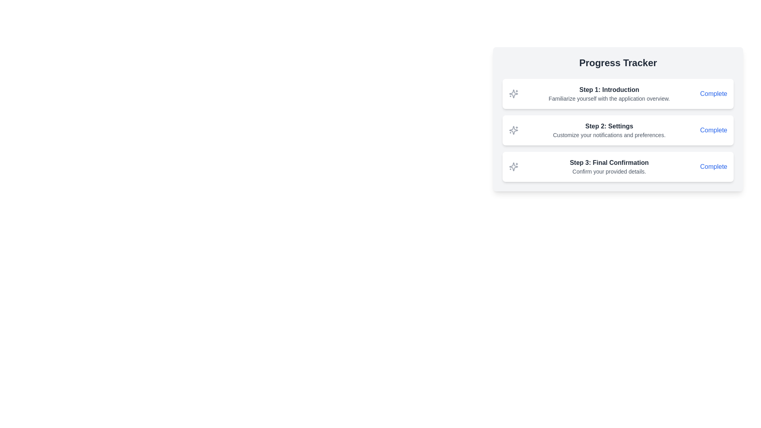 The height and width of the screenshot is (428, 761). I want to click on the central star-like shape of the sparkles icon associated with 'Step 2: Settings' in the progress tracker, so click(514, 130).